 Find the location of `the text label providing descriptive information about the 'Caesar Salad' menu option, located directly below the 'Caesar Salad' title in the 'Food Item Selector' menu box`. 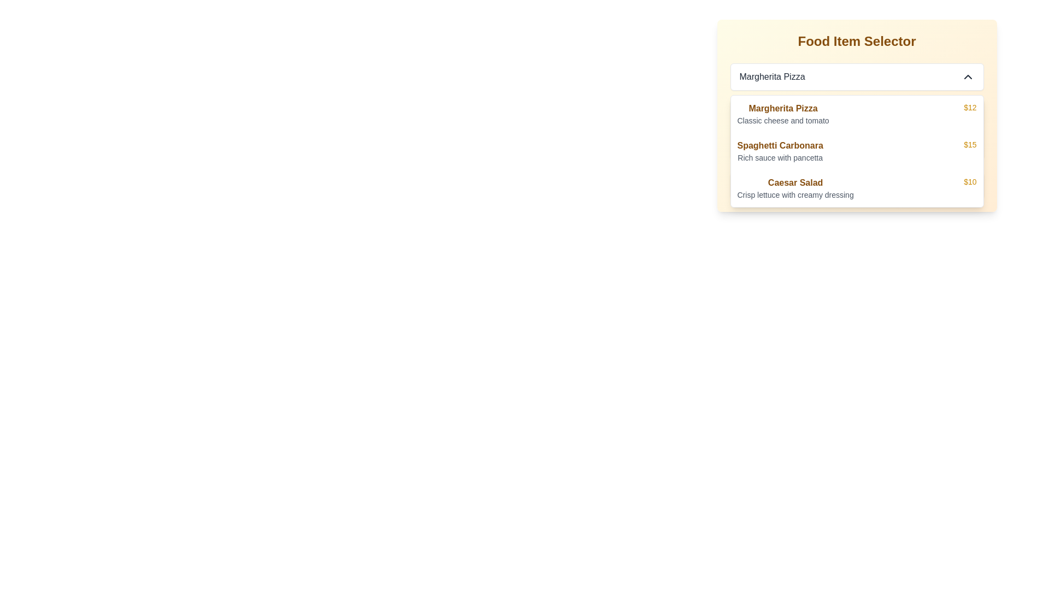

the text label providing descriptive information about the 'Caesar Salad' menu option, located directly below the 'Caesar Salad' title in the 'Food Item Selector' menu box is located at coordinates (795, 194).